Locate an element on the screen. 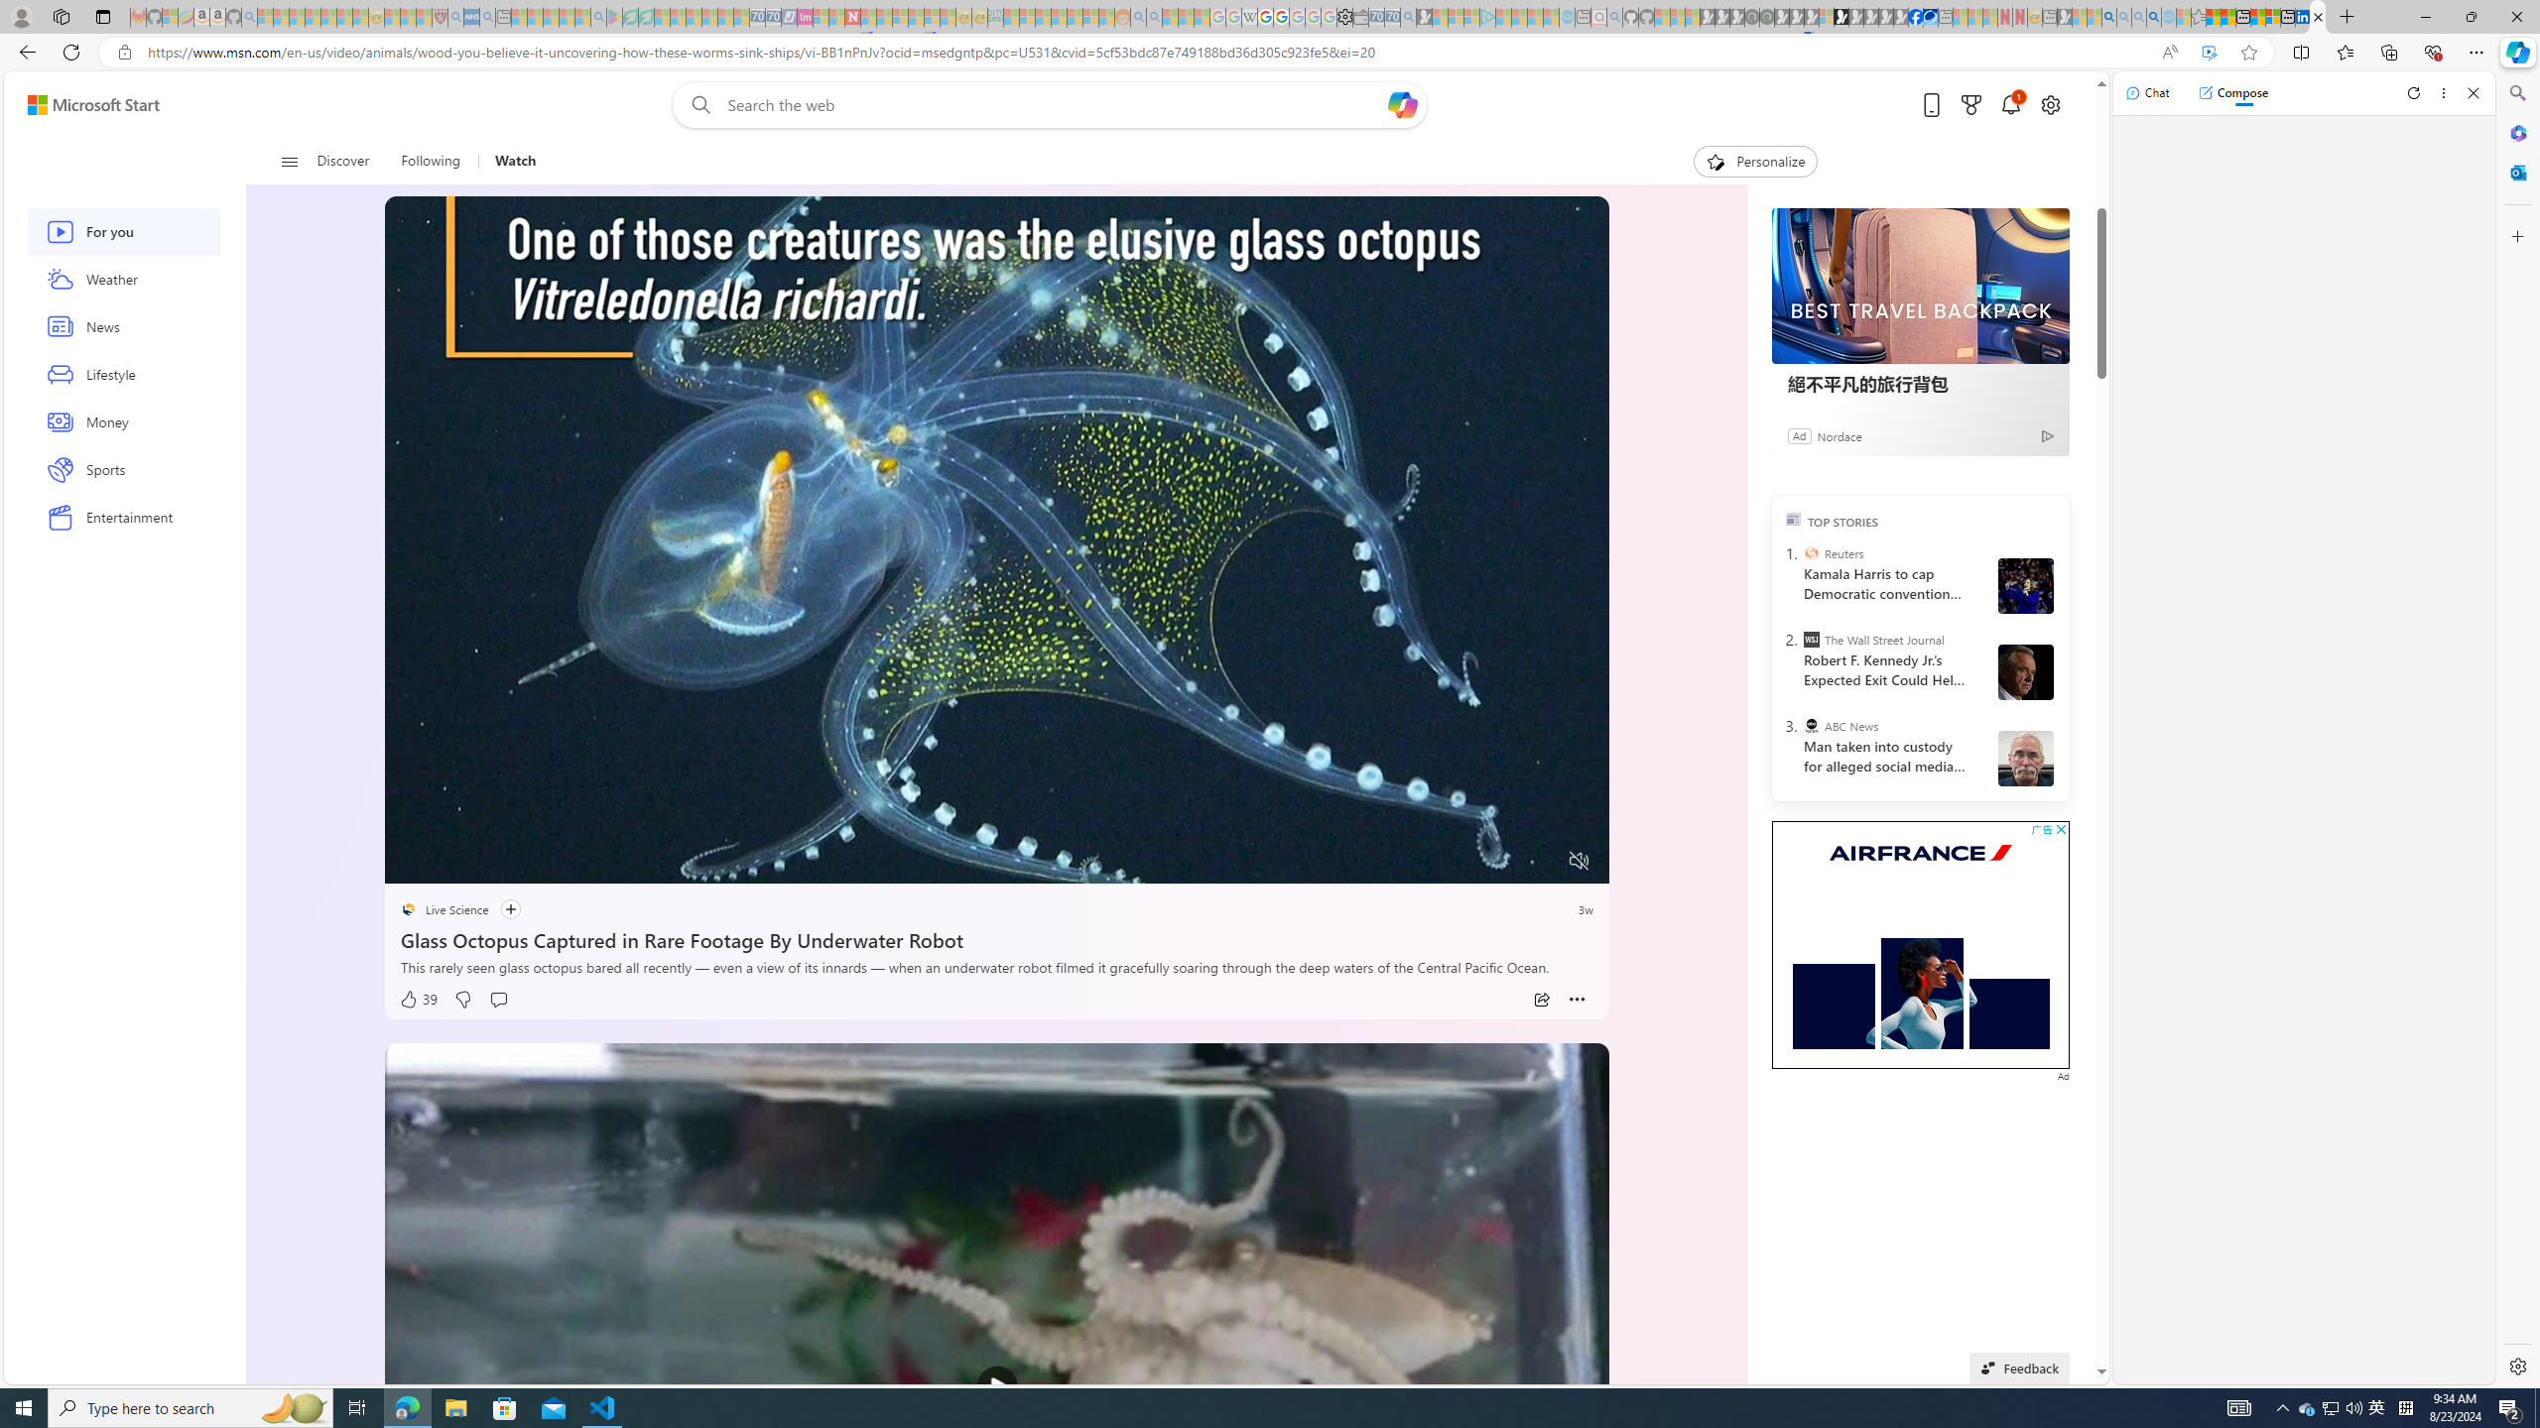 This screenshot has height=1428, width=2540. 'Google Chrome Internet Browser Download - Search Images' is located at coordinates (2152, 16).